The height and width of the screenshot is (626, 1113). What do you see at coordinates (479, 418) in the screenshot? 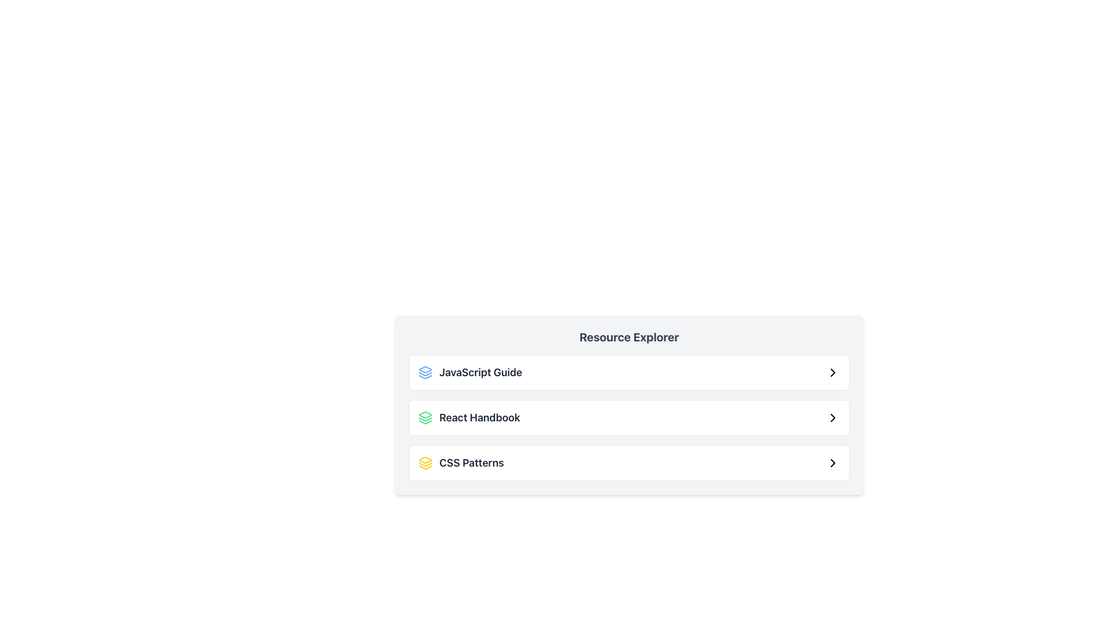
I see `text label displaying 'React Handbook' which is styled with a larger font size and bold weight, located in the resource explorer between 'JavaScript Guide' and 'CSS Patterns'` at bounding box center [479, 418].